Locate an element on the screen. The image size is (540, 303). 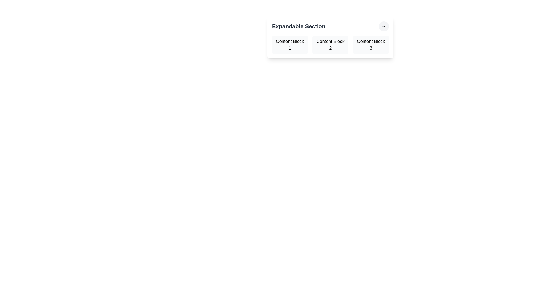
the Static content block labeled 'Content Block 1' is located at coordinates (290, 44).